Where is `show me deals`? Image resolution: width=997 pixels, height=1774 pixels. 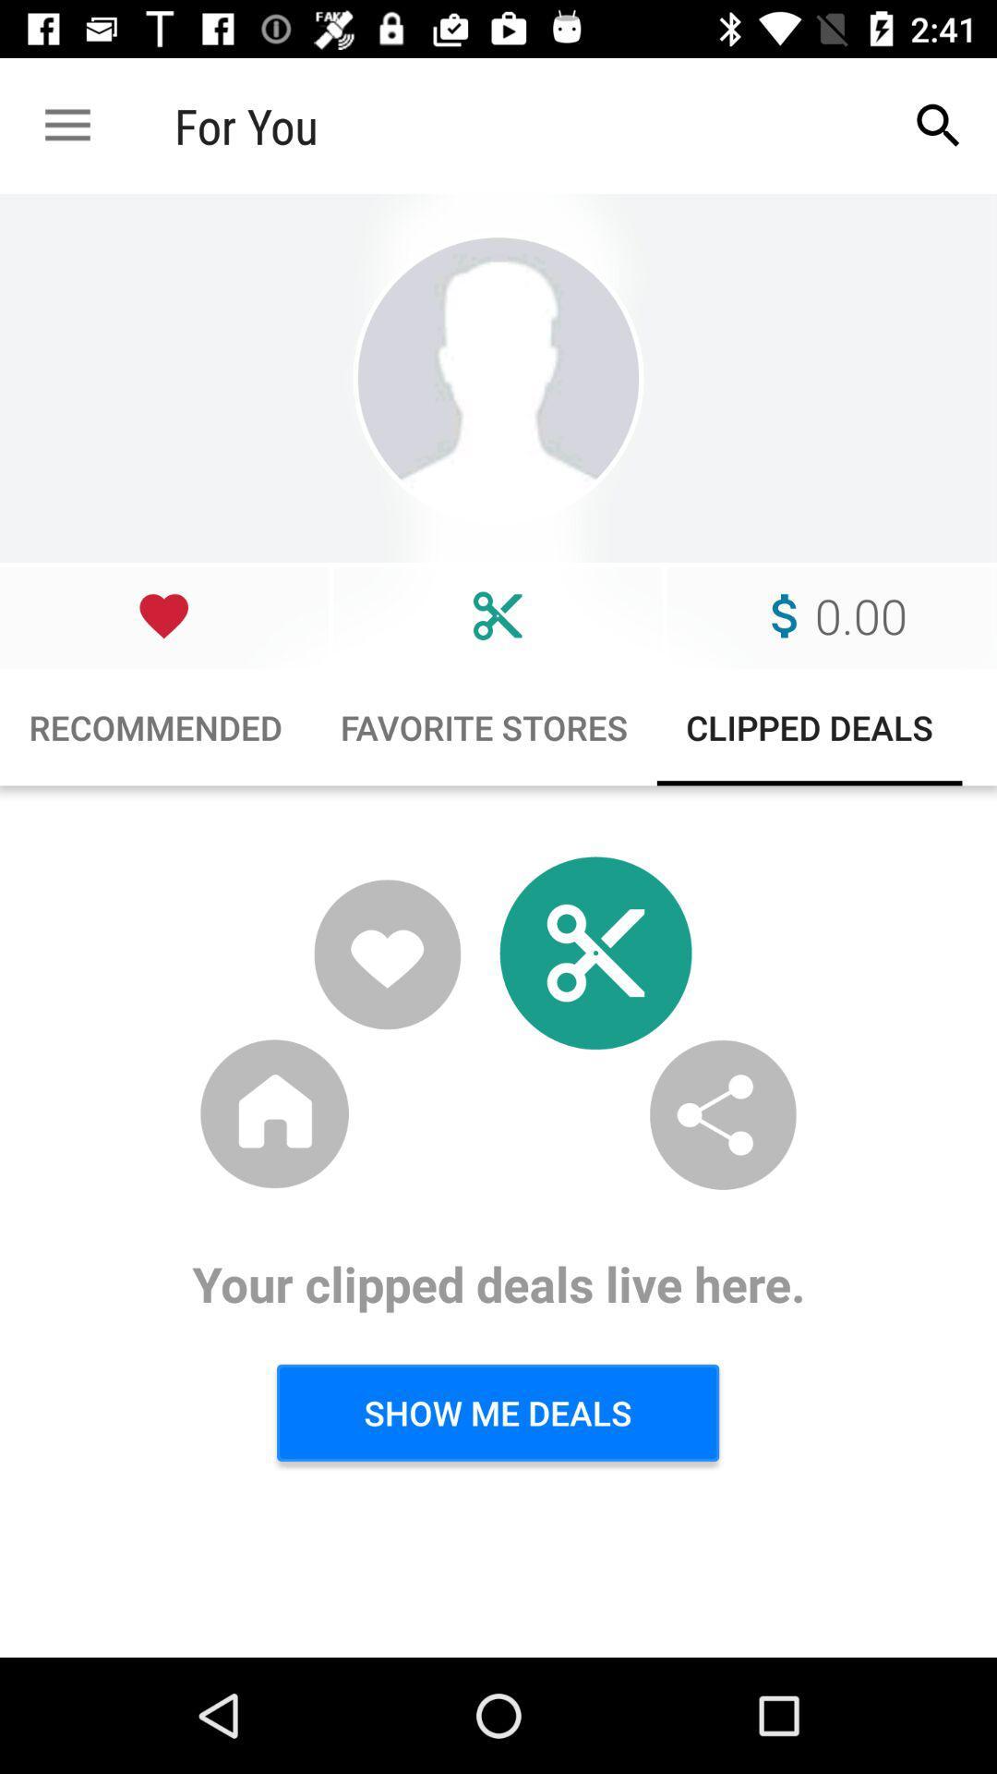 show me deals is located at coordinates (497, 1412).